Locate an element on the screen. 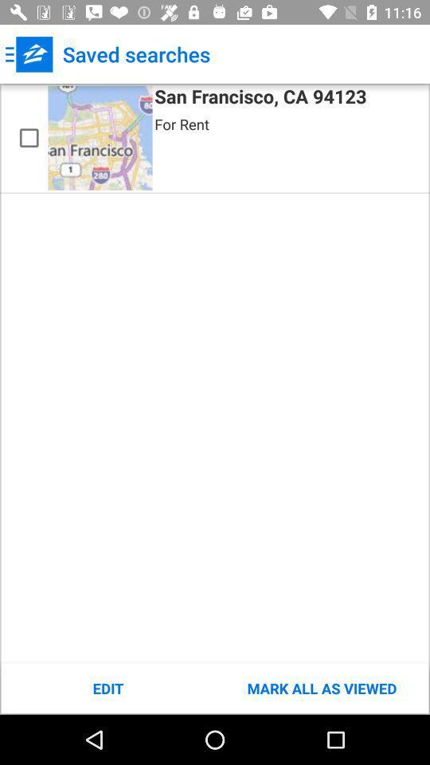 This screenshot has width=430, height=765. the icon above the for rent icon is located at coordinates (260, 98).